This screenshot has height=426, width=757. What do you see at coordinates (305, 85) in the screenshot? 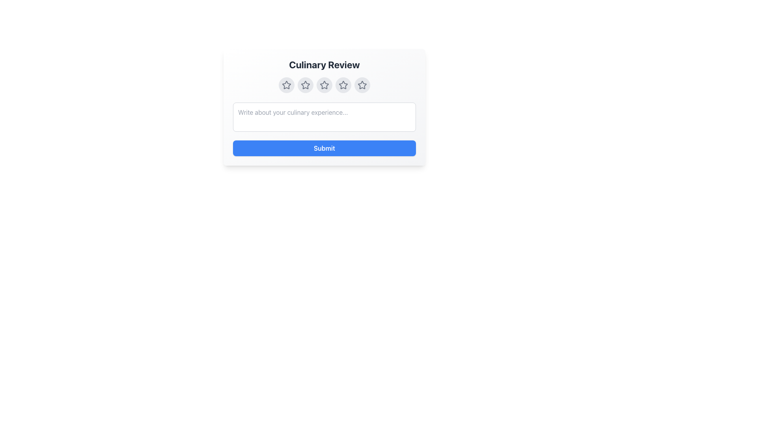
I see `the second star icon in the 5-star rating system` at bounding box center [305, 85].